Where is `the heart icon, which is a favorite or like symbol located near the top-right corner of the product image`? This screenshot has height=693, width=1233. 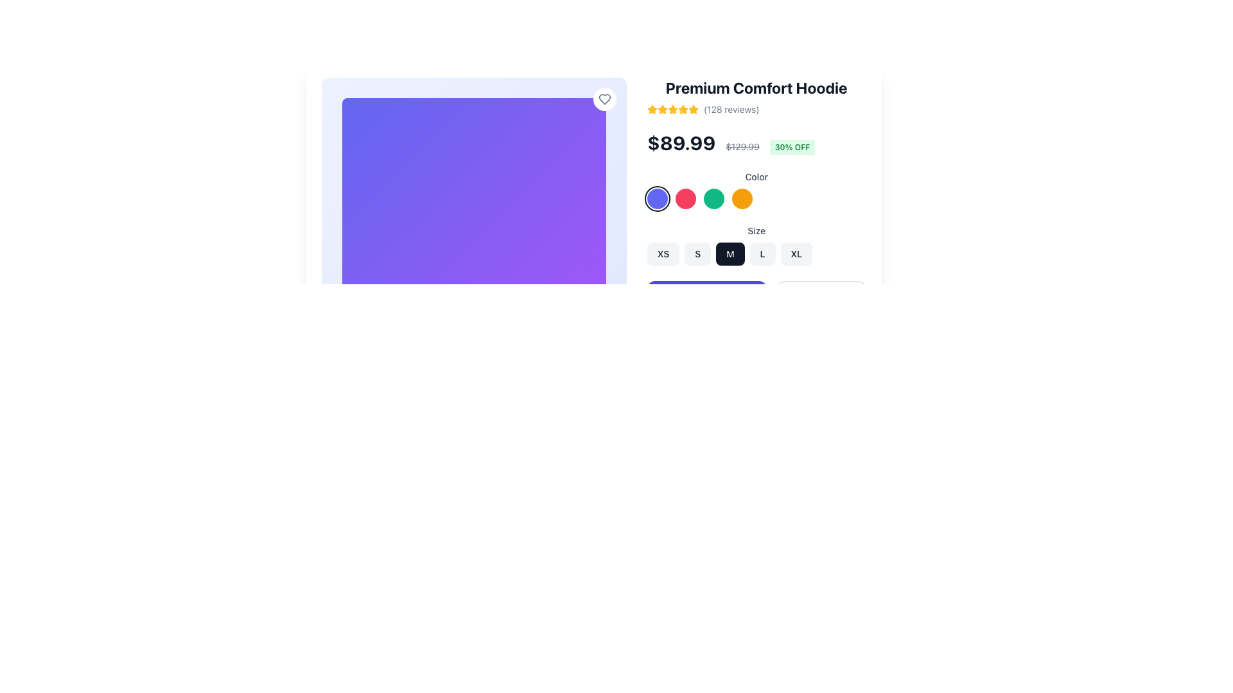 the heart icon, which is a favorite or like symbol located near the top-right corner of the product image is located at coordinates (604, 98).